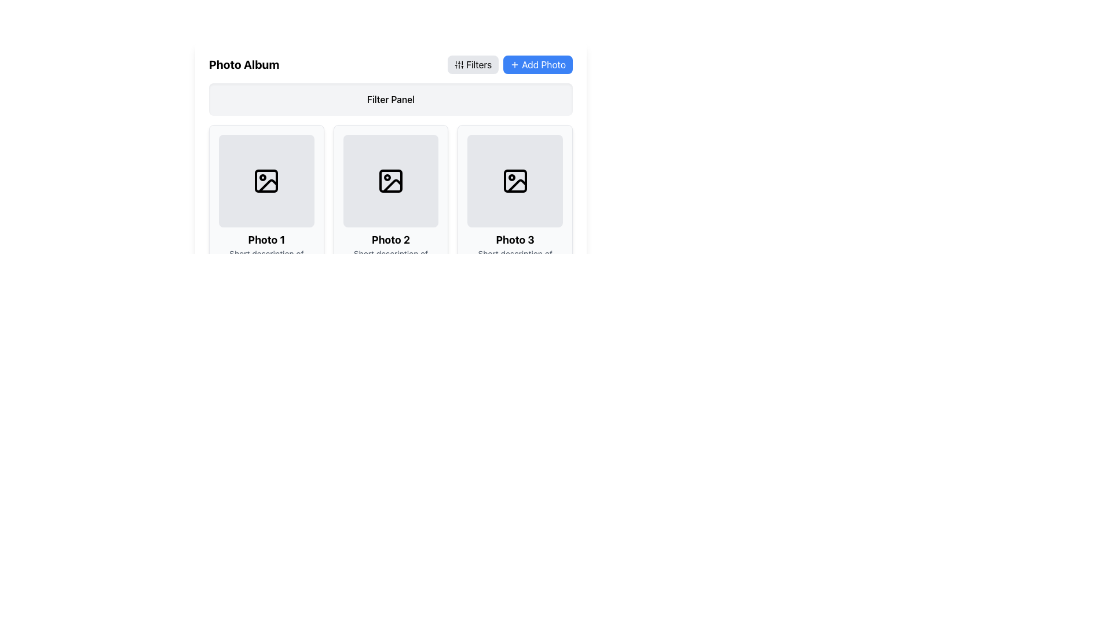  What do you see at coordinates (391, 259) in the screenshot?
I see `the static text displaying 'Short description of photo 2', which is located below the title 'Photo 2' in the photo card` at bounding box center [391, 259].